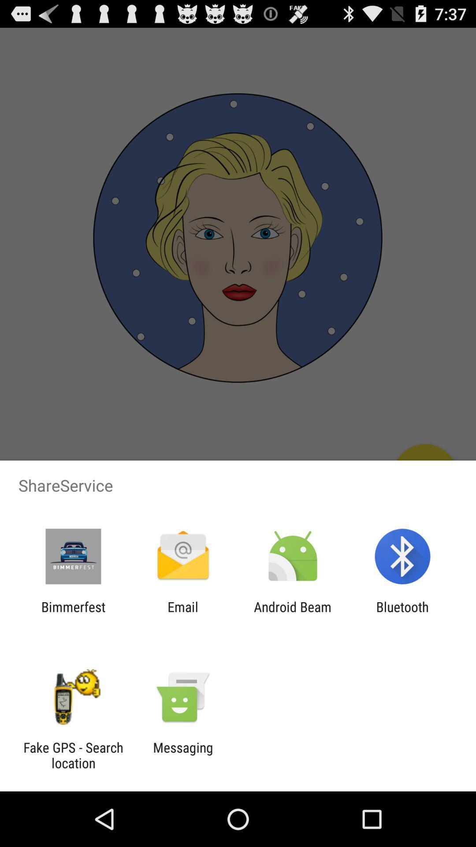 Image resolution: width=476 pixels, height=847 pixels. What do you see at coordinates (293, 614) in the screenshot?
I see `the icon next to the email app` at bounding box center [293, 614].